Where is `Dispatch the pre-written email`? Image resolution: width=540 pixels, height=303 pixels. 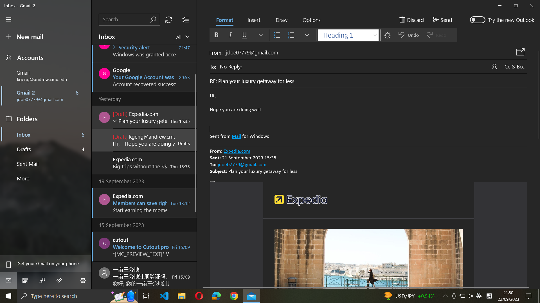
Dispatch the pre-written email is located at coordinates (441, 19).